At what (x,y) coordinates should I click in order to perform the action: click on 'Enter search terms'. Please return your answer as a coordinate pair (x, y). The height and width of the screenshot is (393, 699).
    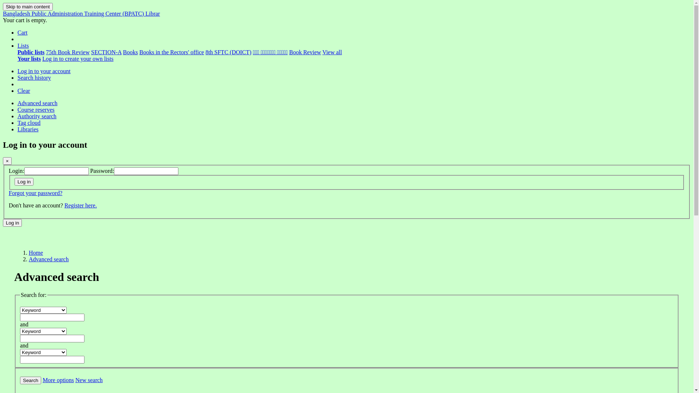
    Looking at the image, I should click on (20, 359).